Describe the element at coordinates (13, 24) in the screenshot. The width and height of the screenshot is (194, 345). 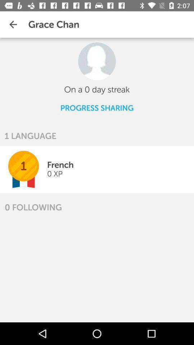
I see `app to the left of grace chan app` at that location.